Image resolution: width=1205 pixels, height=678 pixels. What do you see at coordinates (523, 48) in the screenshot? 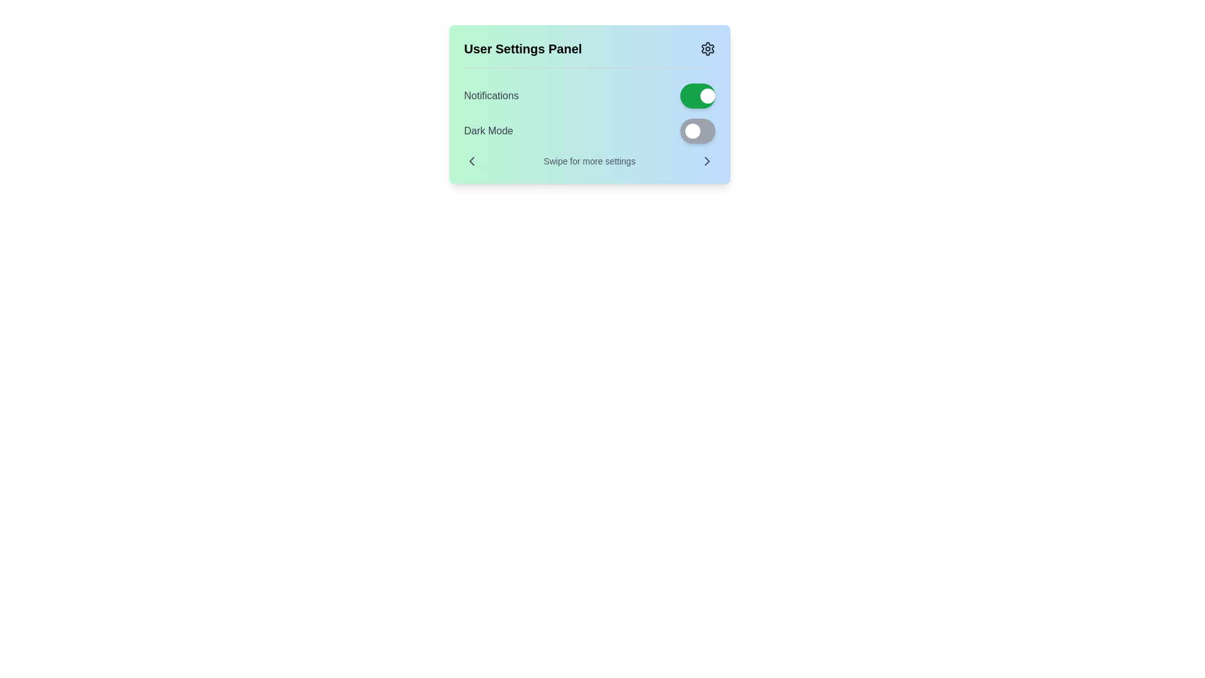
I see `the text 'User Settings Panel' displayed at the top of the component` at bounding box center [523, 48].